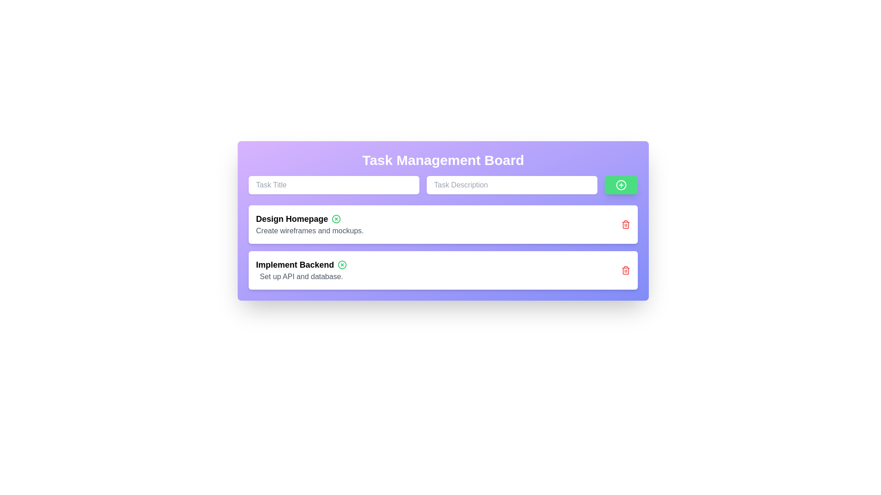 This screenshot has height=495, width=881. I want to click on the interactive icon located in the upper task row, adjacent to the title 'Design Homepage', so click(336, 219).